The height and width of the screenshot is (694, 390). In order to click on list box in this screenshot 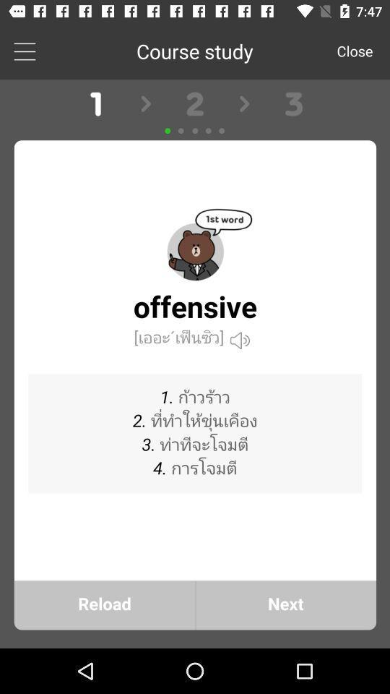, I will do `click(24, 51)`.